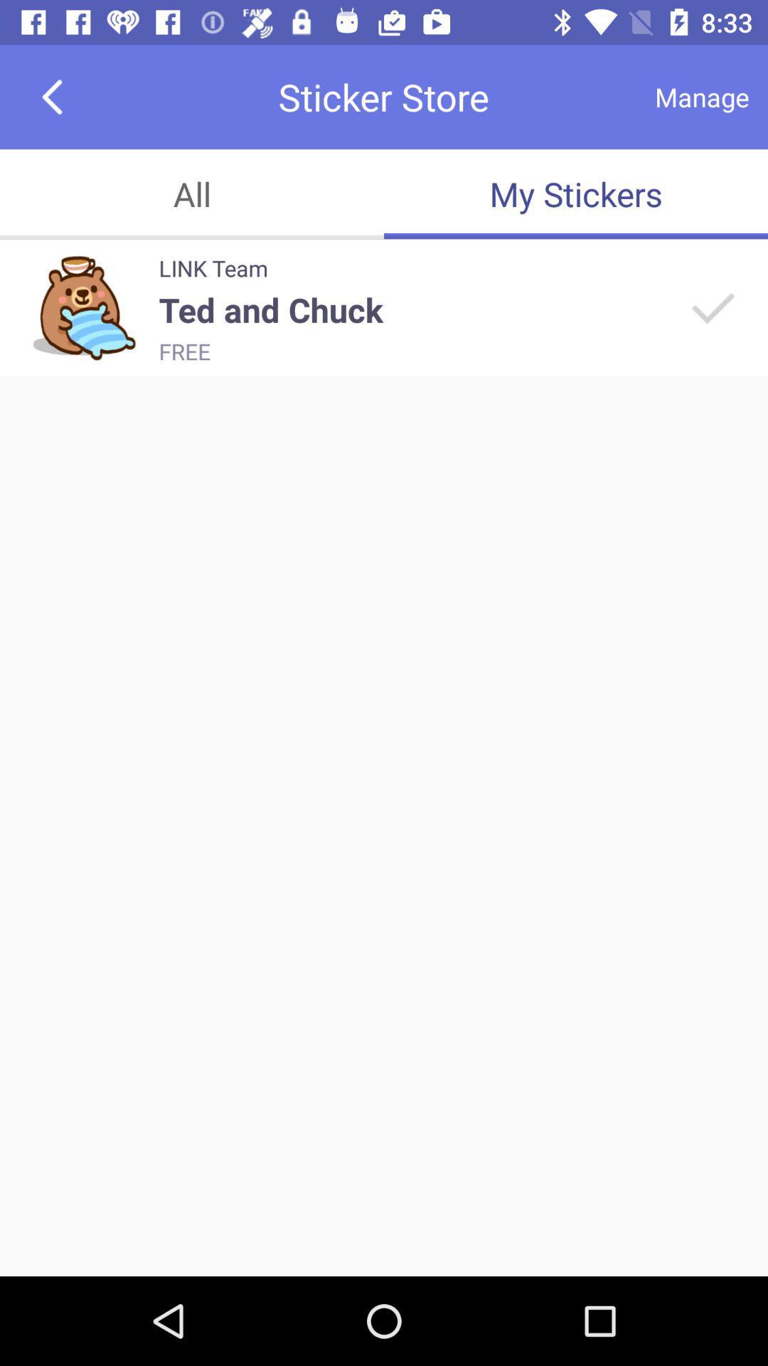  Describe the element at coordinates (711, 307) in the screenshot. I see `the app to the right of the ted and chuck icon` at that location.